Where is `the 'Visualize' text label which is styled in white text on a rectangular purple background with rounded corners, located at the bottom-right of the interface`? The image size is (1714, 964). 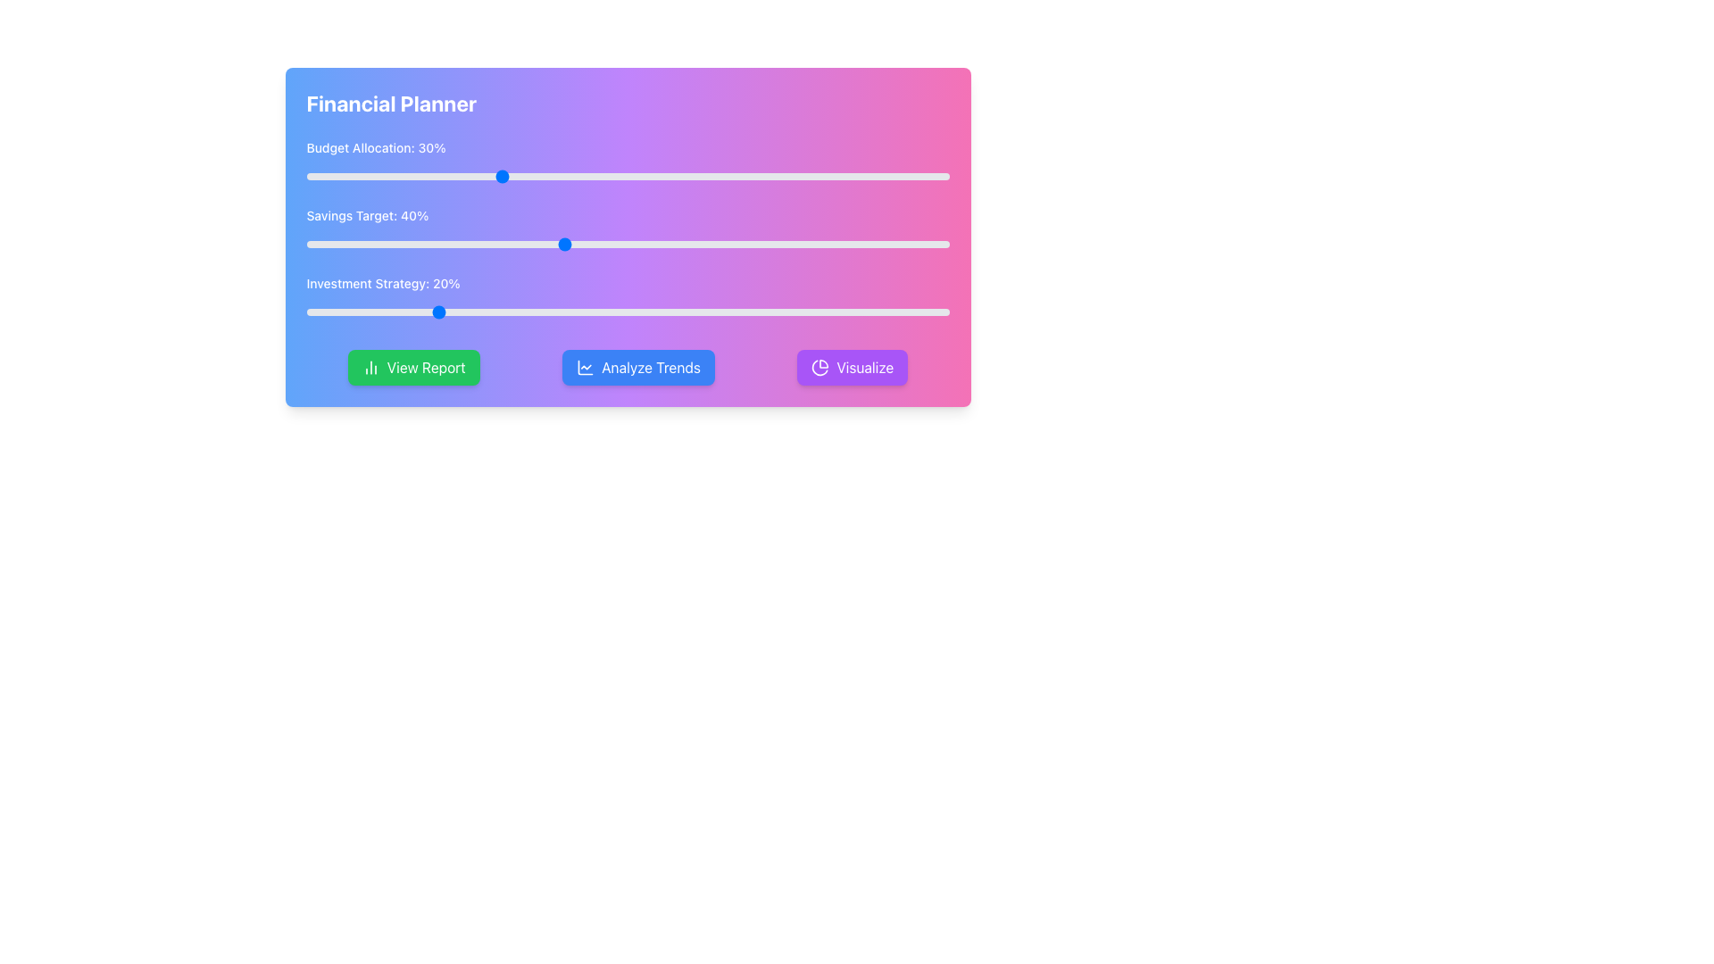 the 'Visualize' text label which is styled in white text on a rectangular purple background with rounded corners, located at the bottom-right of the interface is located at coordinates (865, 367).